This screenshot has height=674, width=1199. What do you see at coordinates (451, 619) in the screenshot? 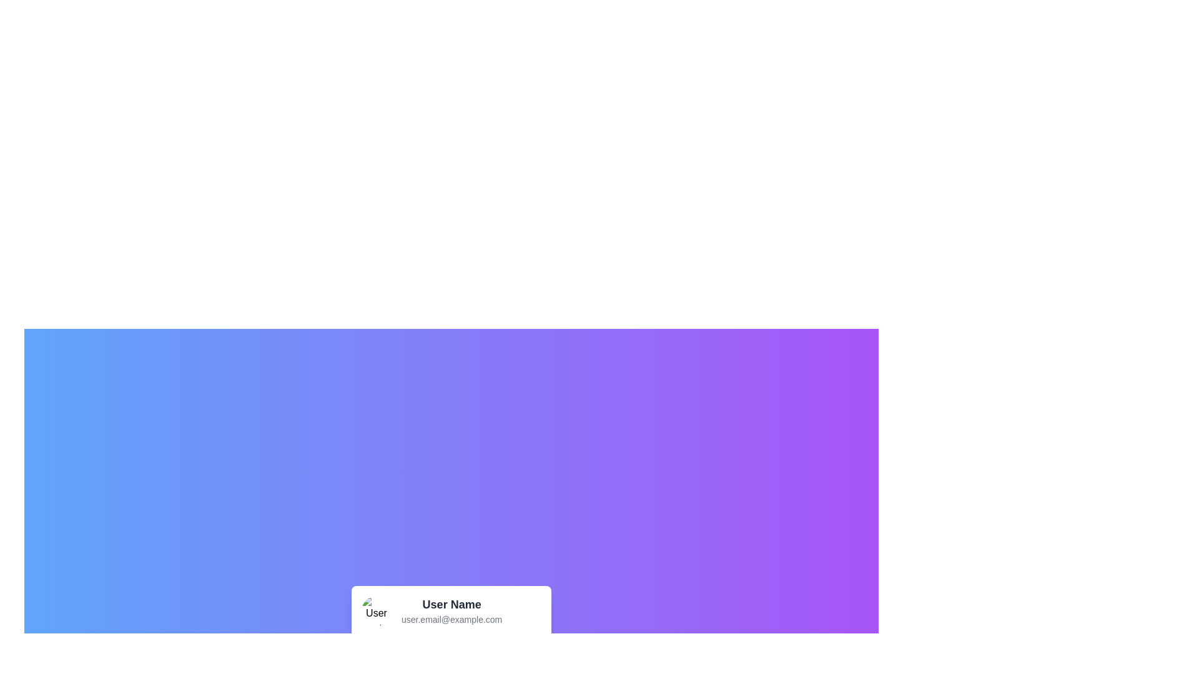
I see `the text label displaying the email address 'user.email@example.com', which is styled in gray and positioned below the 'User Name' label within a white card against a gradient blue-to-purple background` at bounding box center [451, 619].